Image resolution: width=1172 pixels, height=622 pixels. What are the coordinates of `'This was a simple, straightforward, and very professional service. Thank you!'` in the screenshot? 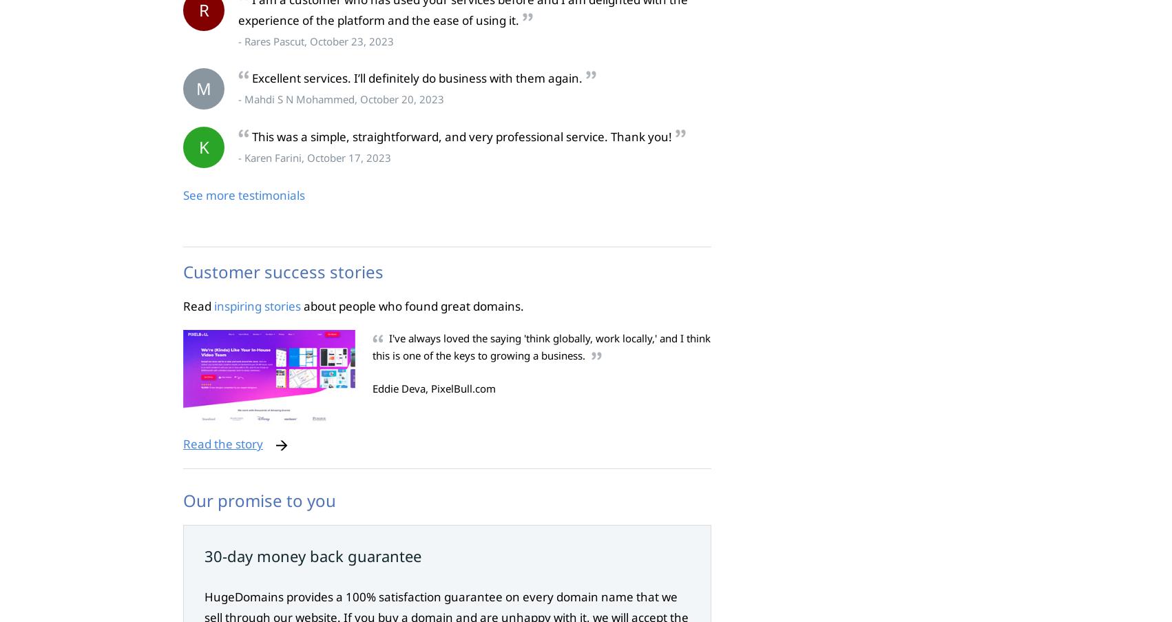 It's located at (461, 136).